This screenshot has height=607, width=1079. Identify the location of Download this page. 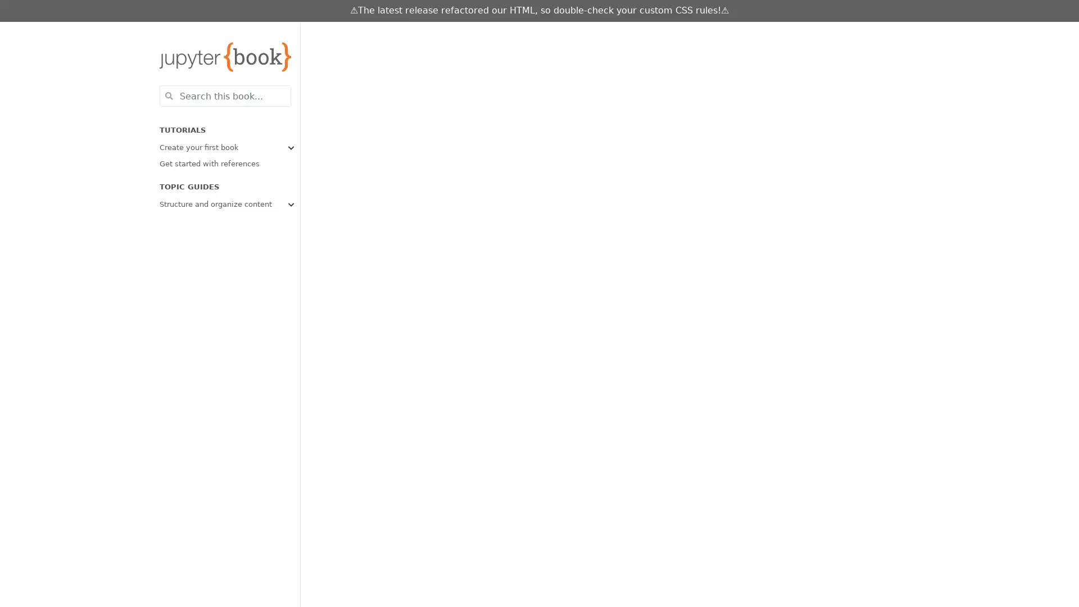
(755, 33).